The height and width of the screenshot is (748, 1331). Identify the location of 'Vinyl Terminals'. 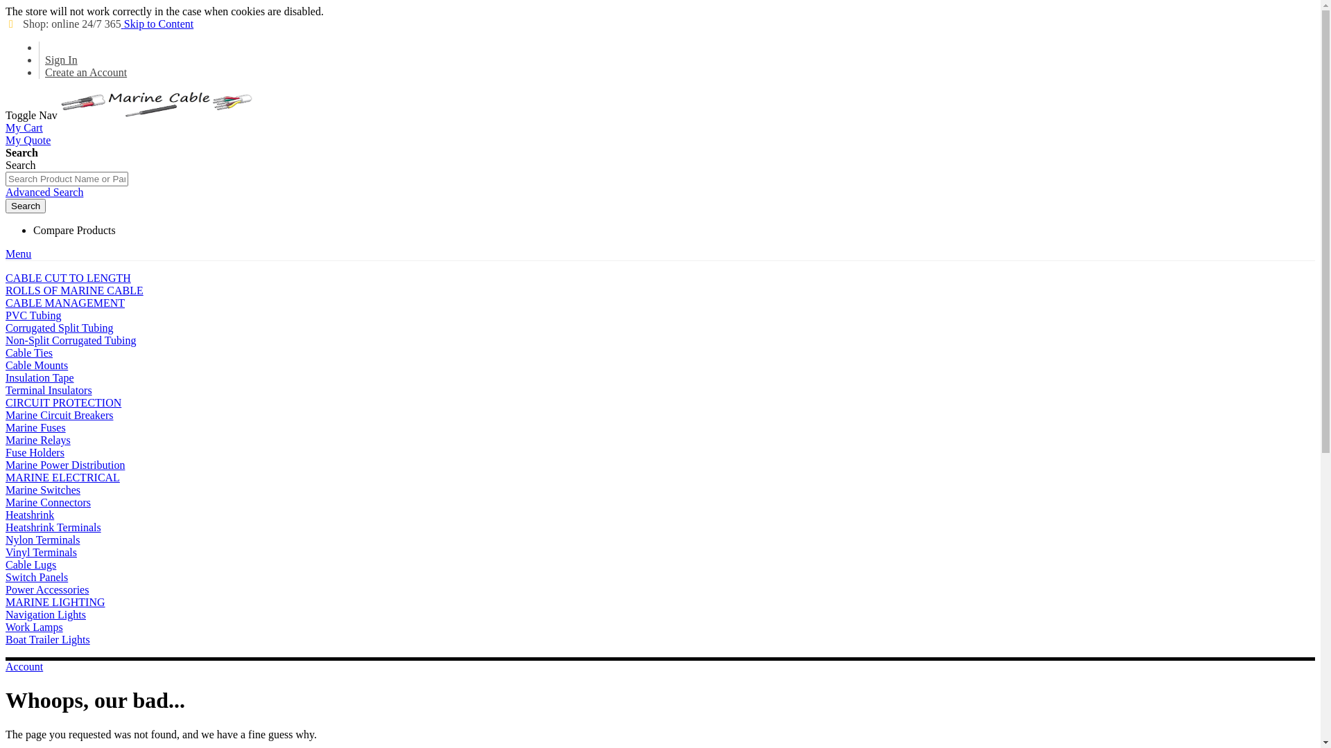
(41, 551).